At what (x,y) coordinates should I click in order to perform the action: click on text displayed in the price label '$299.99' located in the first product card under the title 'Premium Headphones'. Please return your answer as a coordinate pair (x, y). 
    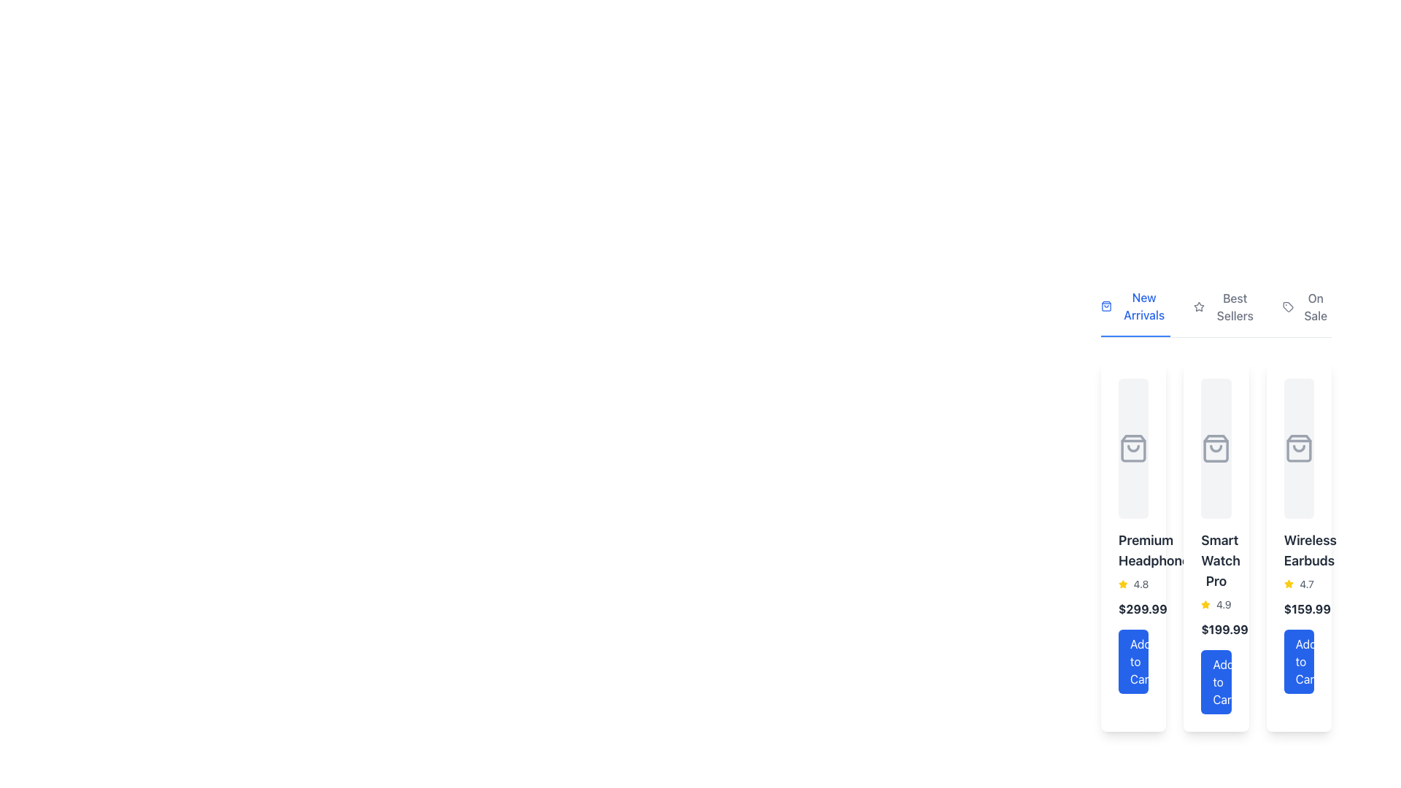
    Looking at the image, I should click on (1132, 609).